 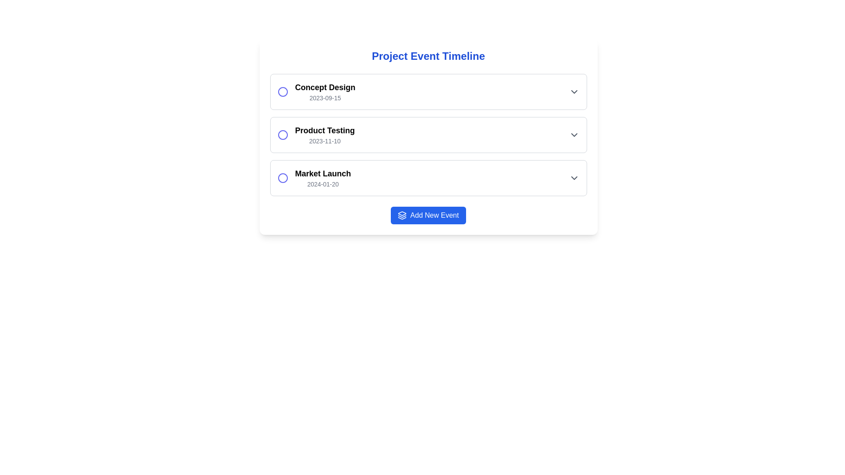 I want to click on the button located at the center-bottom of the interface, so click(x=428, y=215).